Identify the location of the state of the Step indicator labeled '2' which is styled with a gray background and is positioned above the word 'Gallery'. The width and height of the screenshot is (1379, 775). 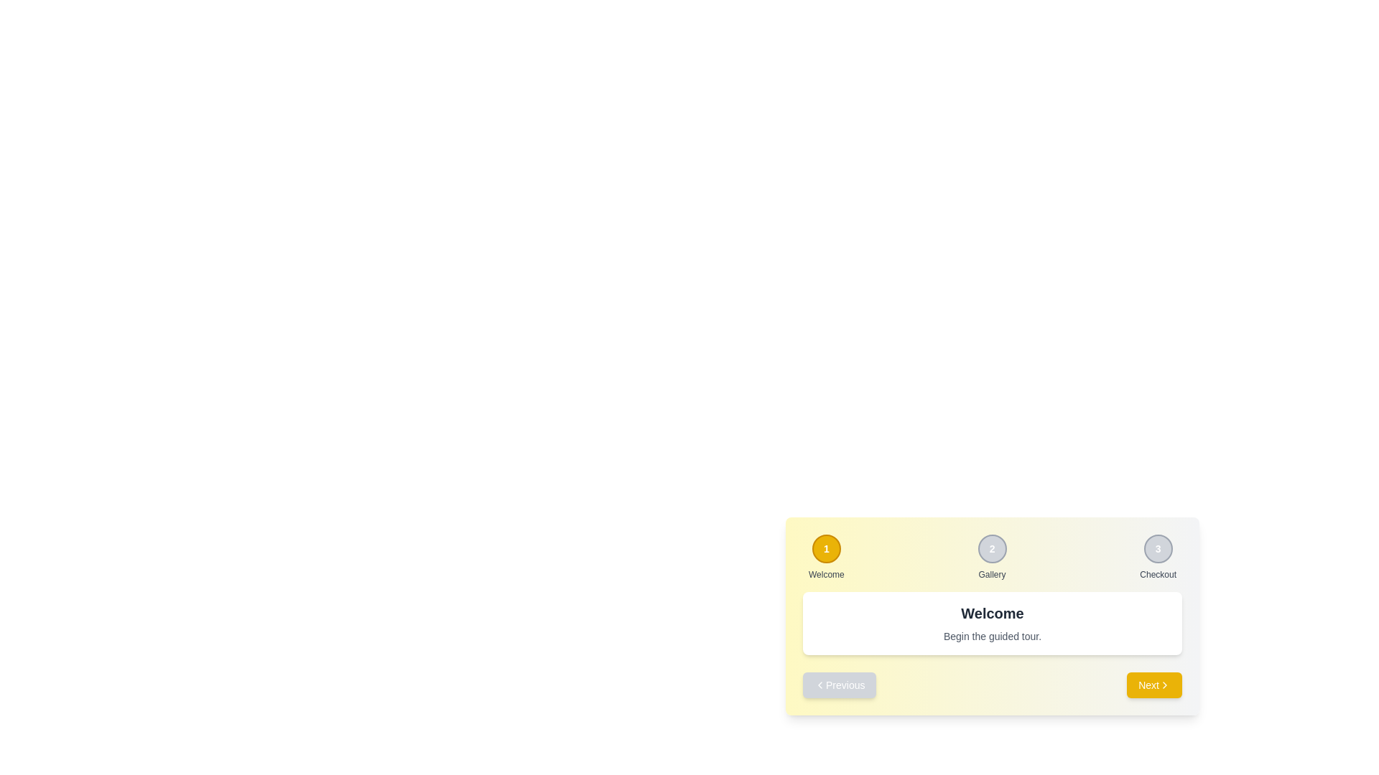
(991, 556).